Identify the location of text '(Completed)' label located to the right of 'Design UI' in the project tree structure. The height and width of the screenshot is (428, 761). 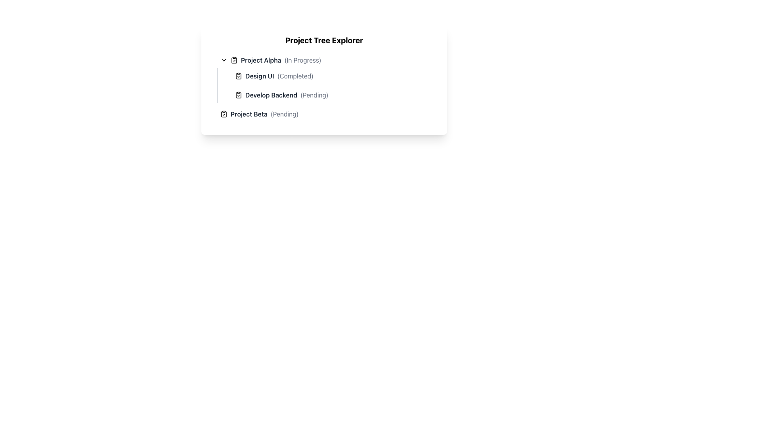
(295, 76).